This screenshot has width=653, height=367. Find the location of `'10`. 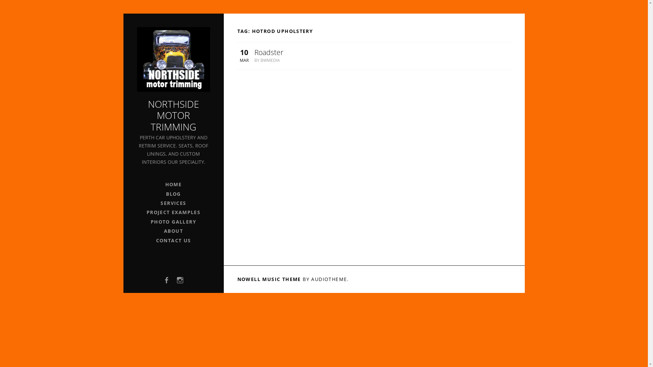

'10 is located at coordinates (244, 55).